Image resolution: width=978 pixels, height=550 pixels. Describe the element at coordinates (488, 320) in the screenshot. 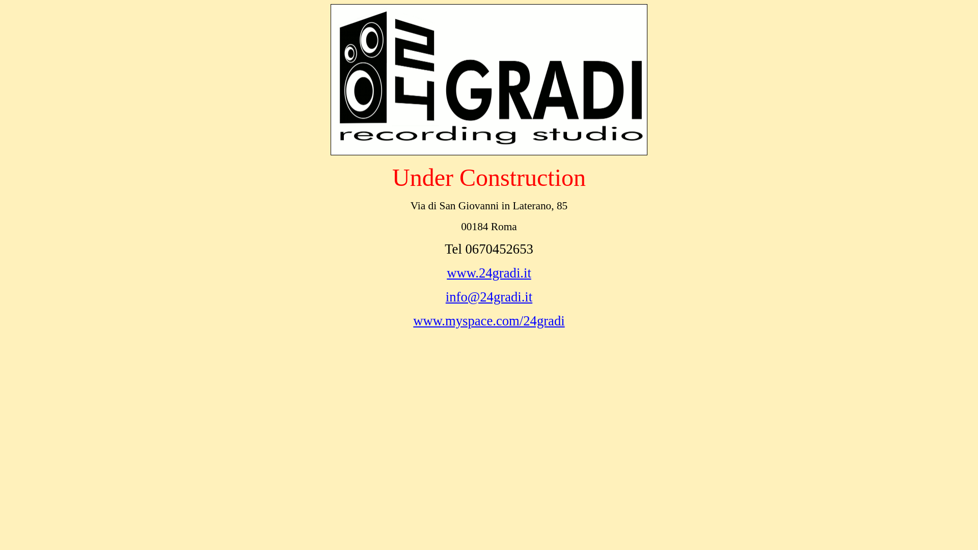

I see `'www.myspace.com/24gradi'` at that location.